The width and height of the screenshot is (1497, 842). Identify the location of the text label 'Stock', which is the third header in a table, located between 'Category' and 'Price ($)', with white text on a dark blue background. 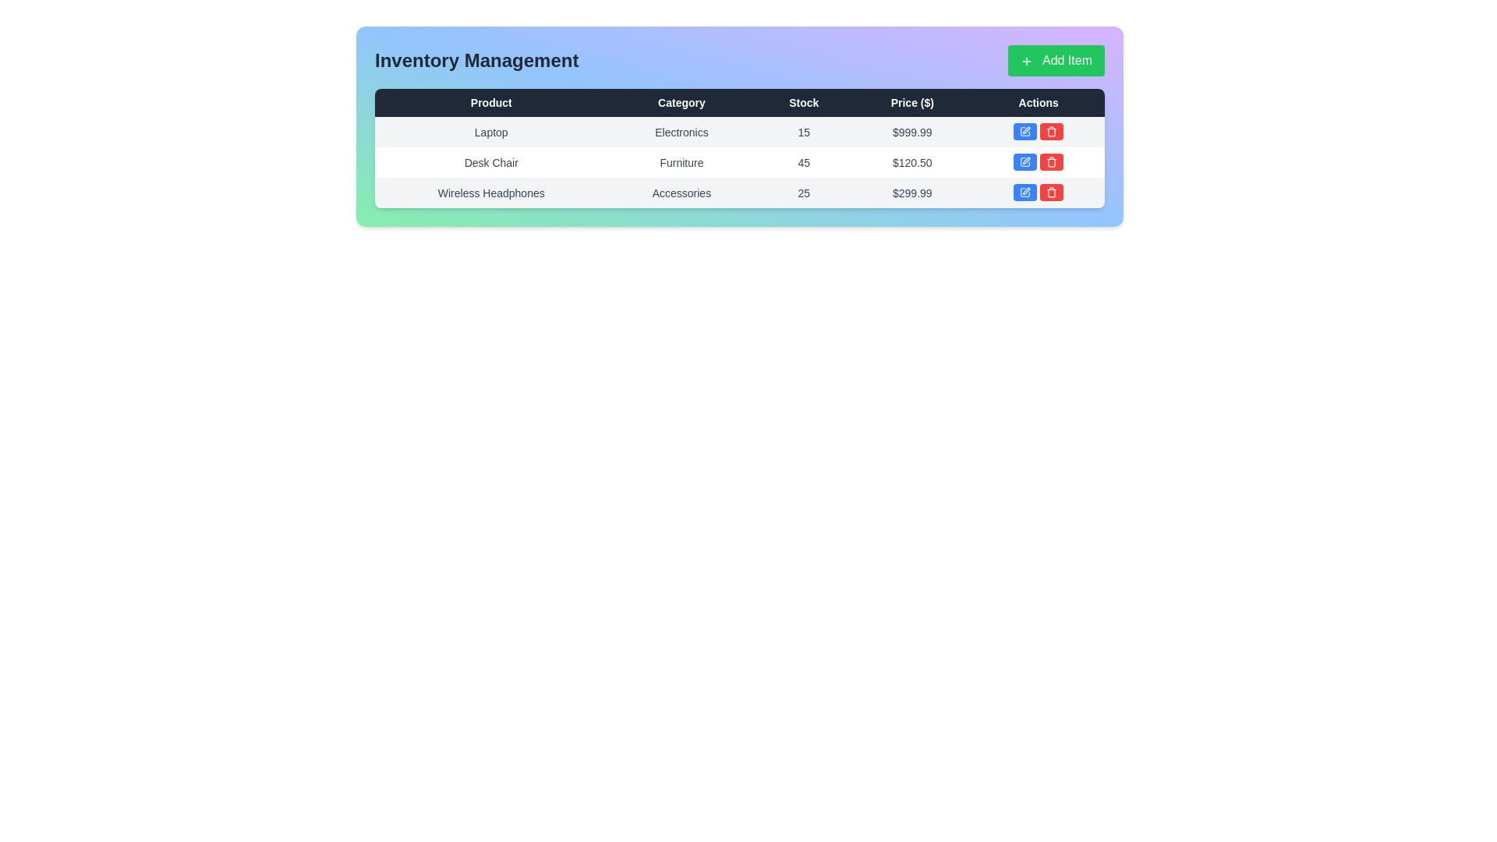
(804, 102).